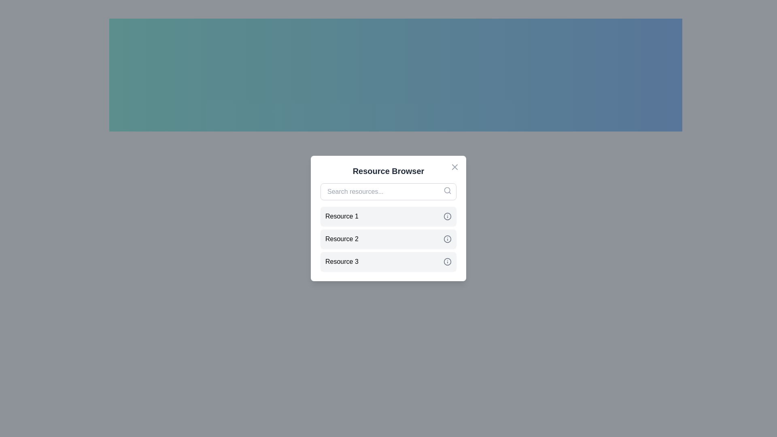 Image resolution: width=777 pixels, height=437 pixels. What do you see at coordinates (447, 262) in the screenshot?
I see `the informational icon, which is a small circular icon with a gray outline and an 'i' symbol, located at the far-right end of the 'Resource 3' row in the 'Resource Browser'` at bounding box center [447, 262].